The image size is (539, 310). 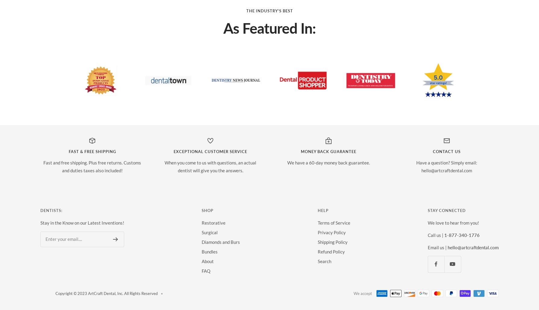 What do you see at coordinates (206, 270) in the screenshot?
I see `'FAQ'` at bounding box center [206, 270].